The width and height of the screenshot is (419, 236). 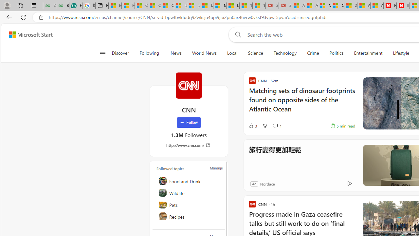 What do you see at coordinates (368, 53) in the screenshot?
I see `'Entertainment'` at bounding box center [368, 53].